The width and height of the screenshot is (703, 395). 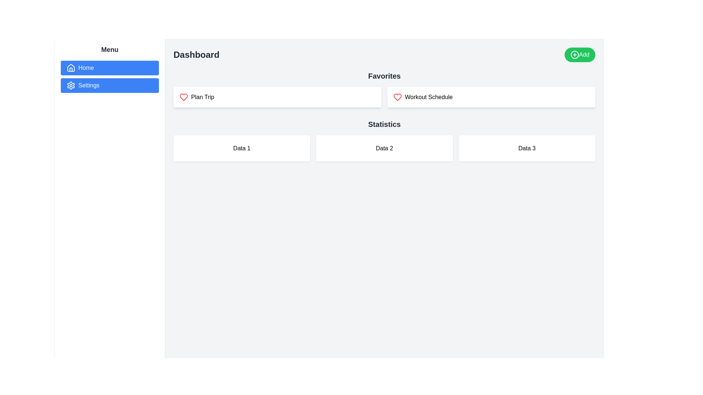 What do you see at coordinates (71, 68) in the screenshot?
I see `the 'Home' icon in the navigation menu` at bounding box center [71, 68].